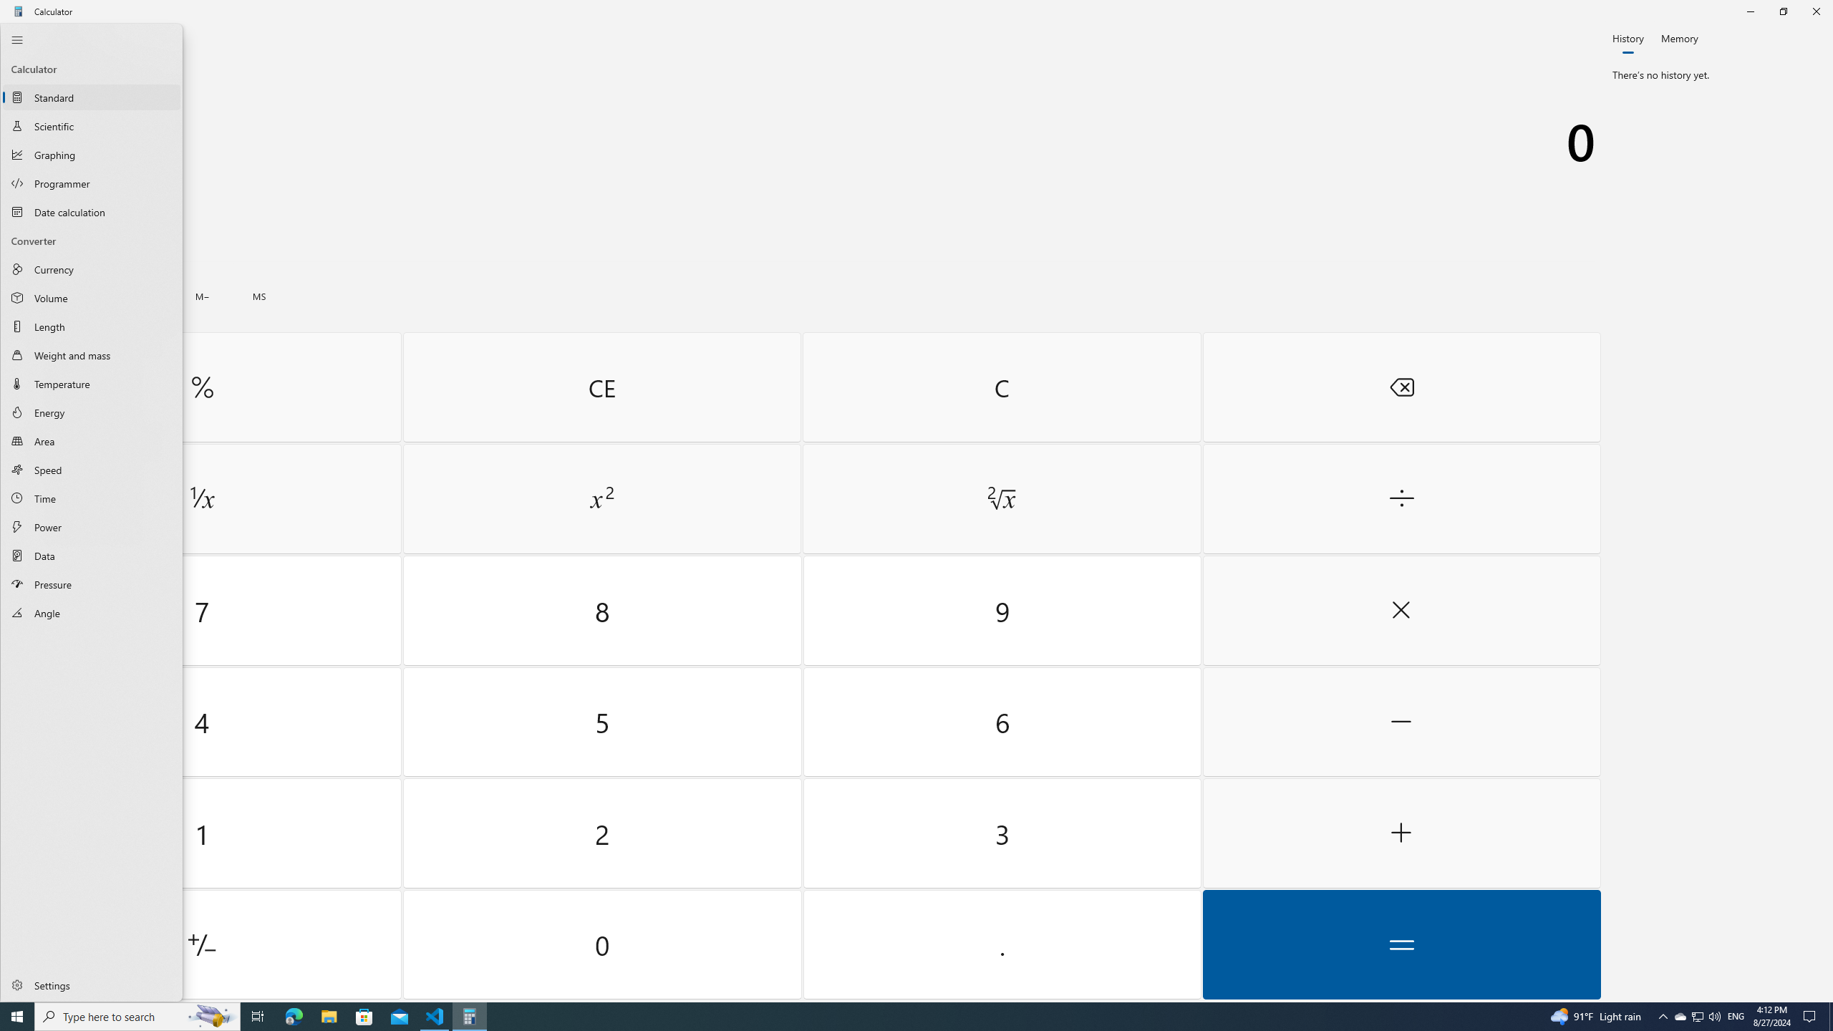  Describe the element at coordinates (91, 126) in the screenshot. I see `'Scientific Calculator'` at that location.